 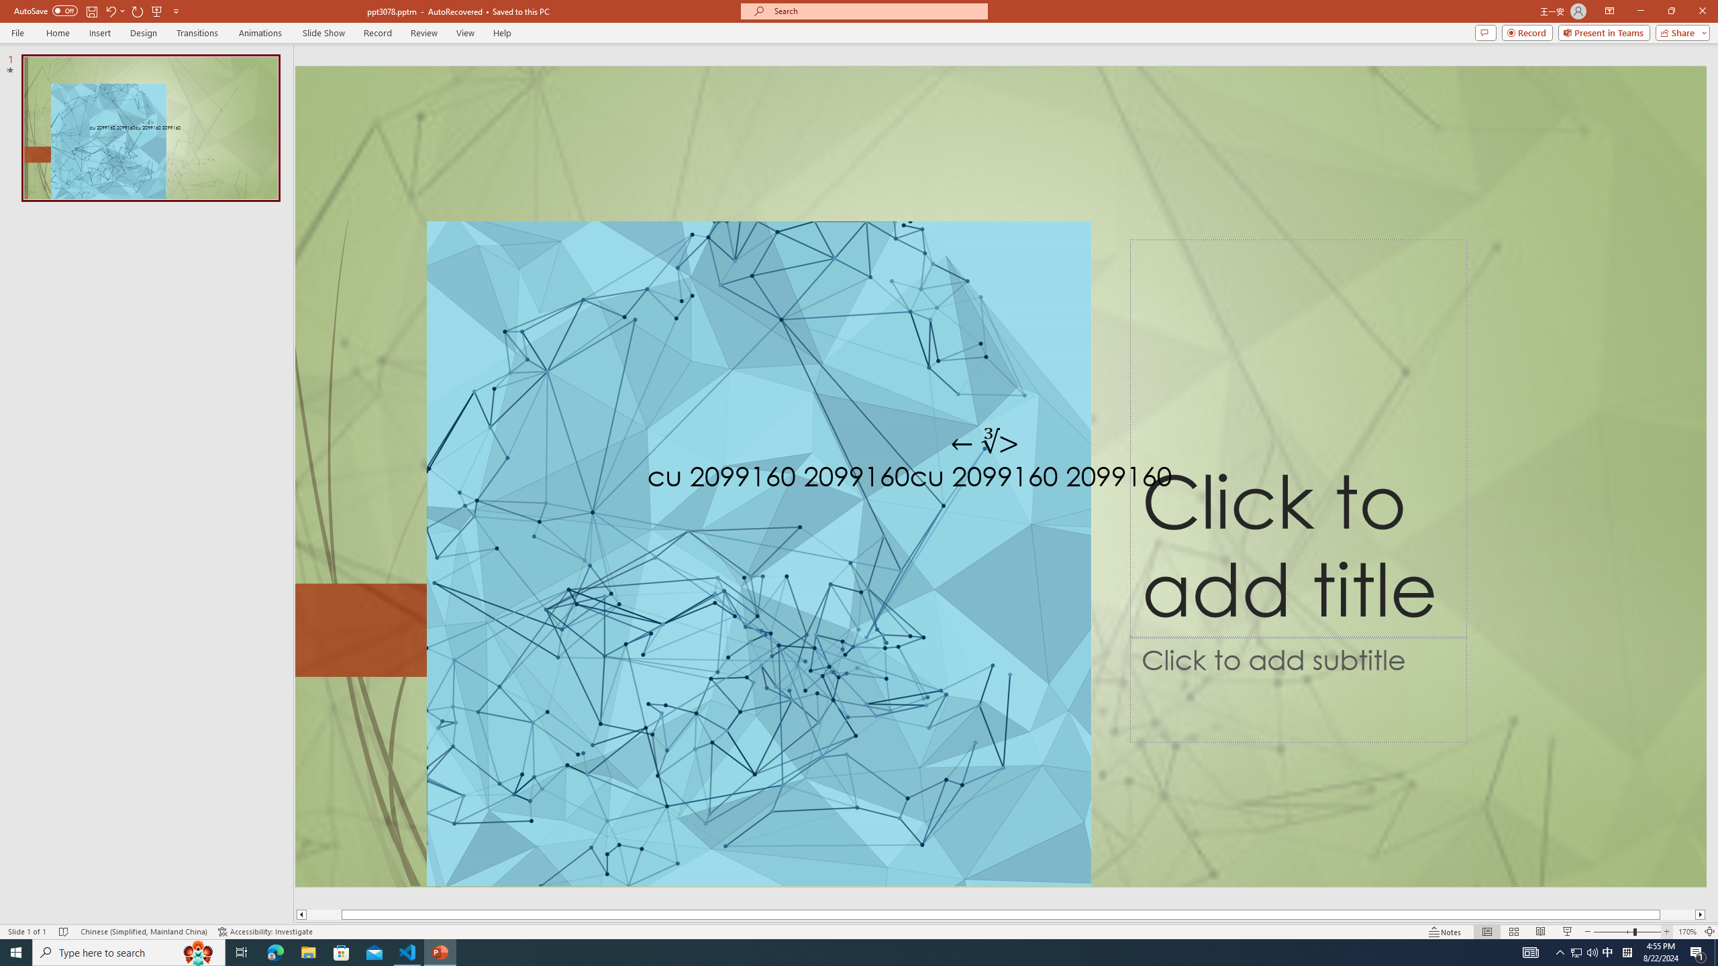 What do you see at coordinates (466, 33) in the screenshot?
I see `'View'` at bounding box center [466, 33].